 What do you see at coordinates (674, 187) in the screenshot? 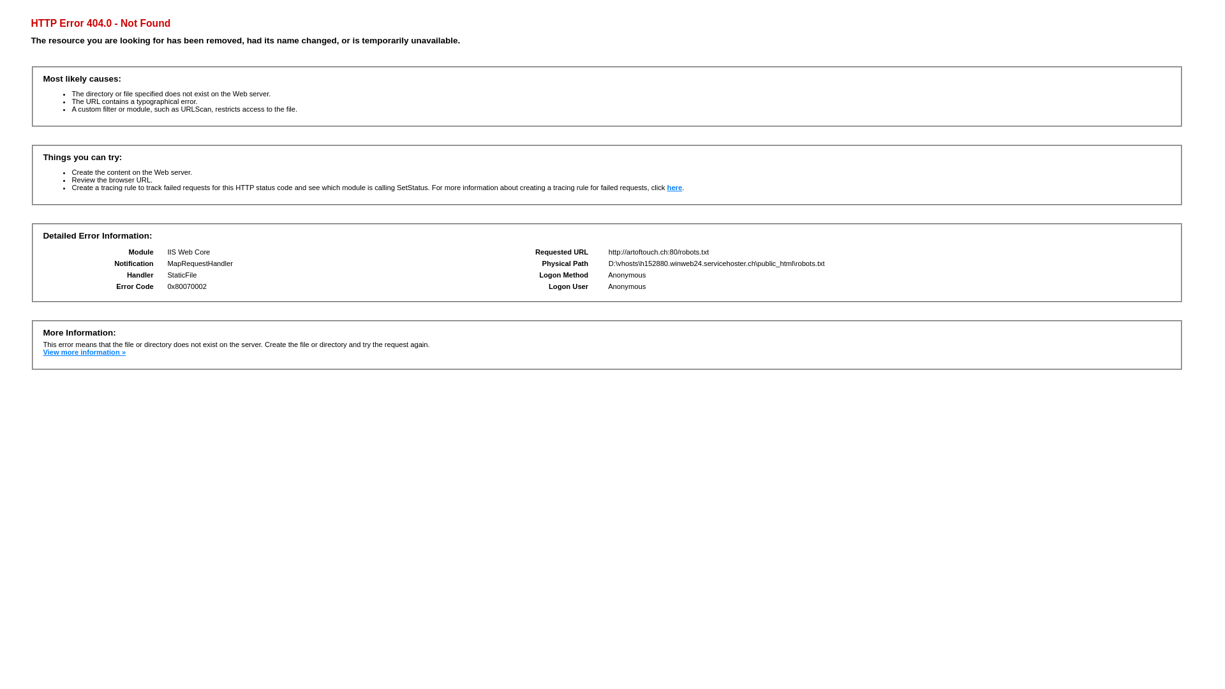
I see `'here'` at bounding box center [674, 187].